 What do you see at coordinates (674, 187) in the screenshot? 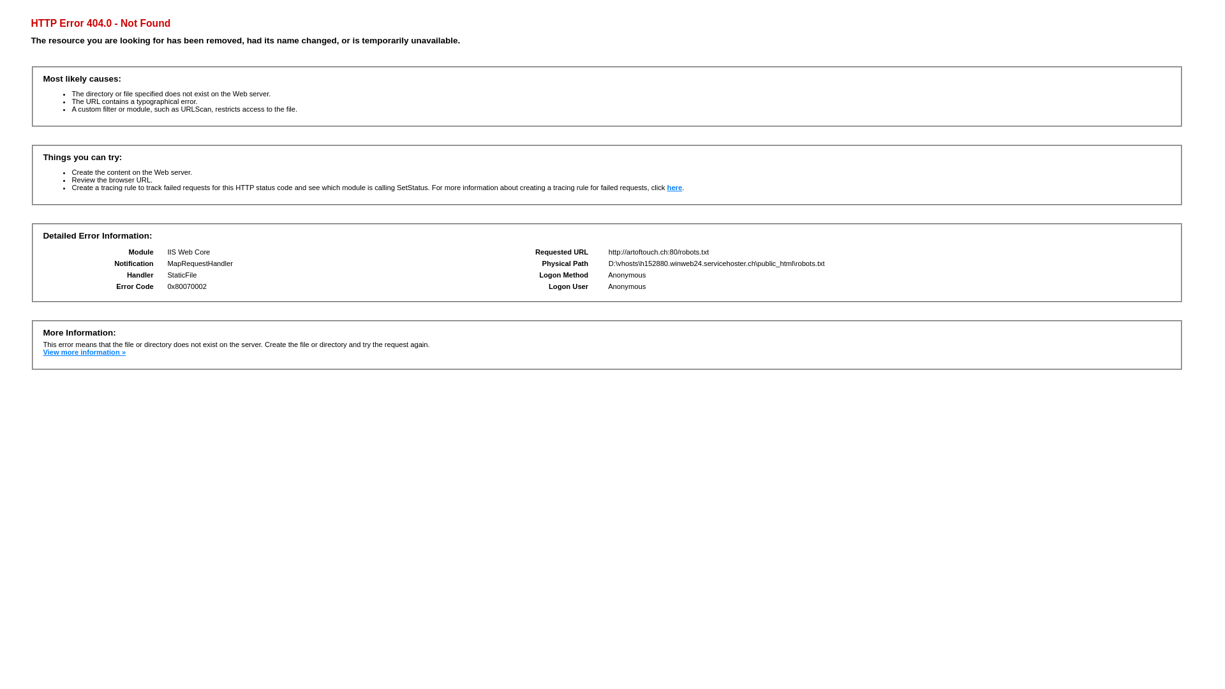
I see `'here'` at bounding box center [674, 187].